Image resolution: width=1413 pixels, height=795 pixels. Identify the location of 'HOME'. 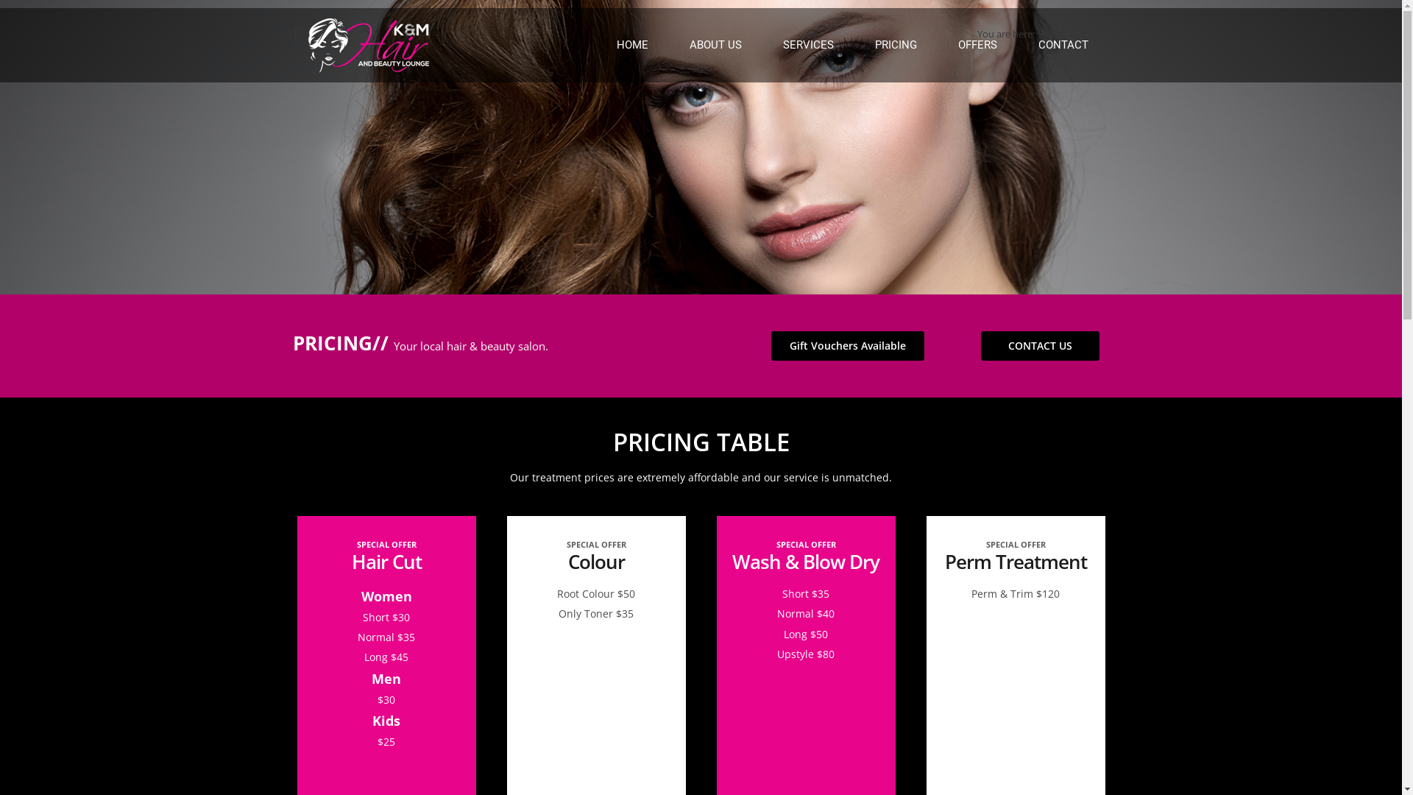
(617, 44).